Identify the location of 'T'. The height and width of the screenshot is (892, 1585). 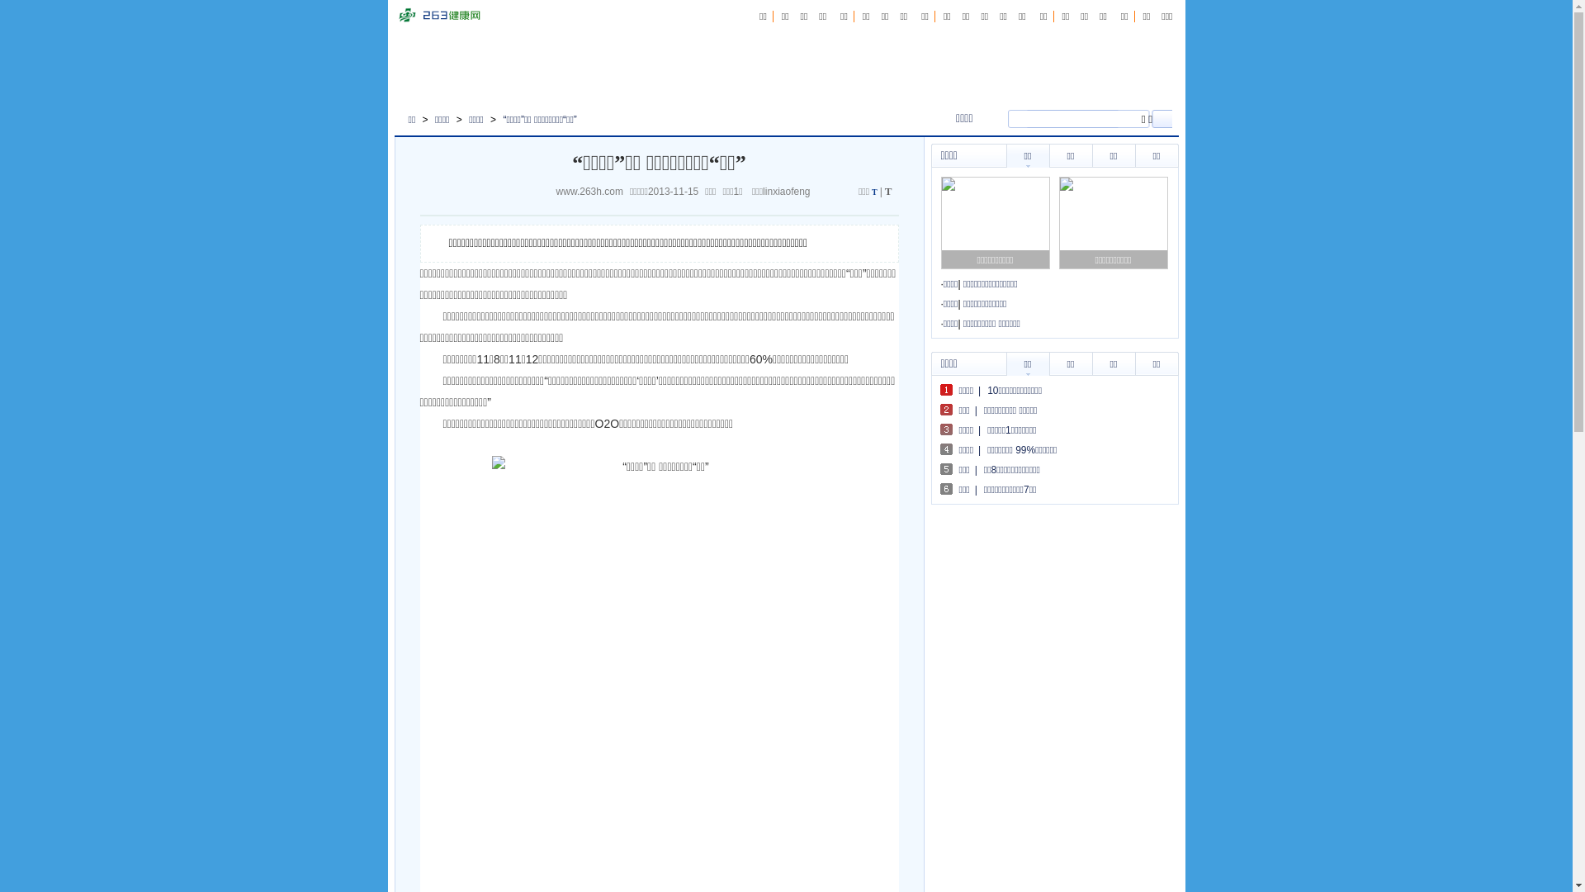
(873, 191).